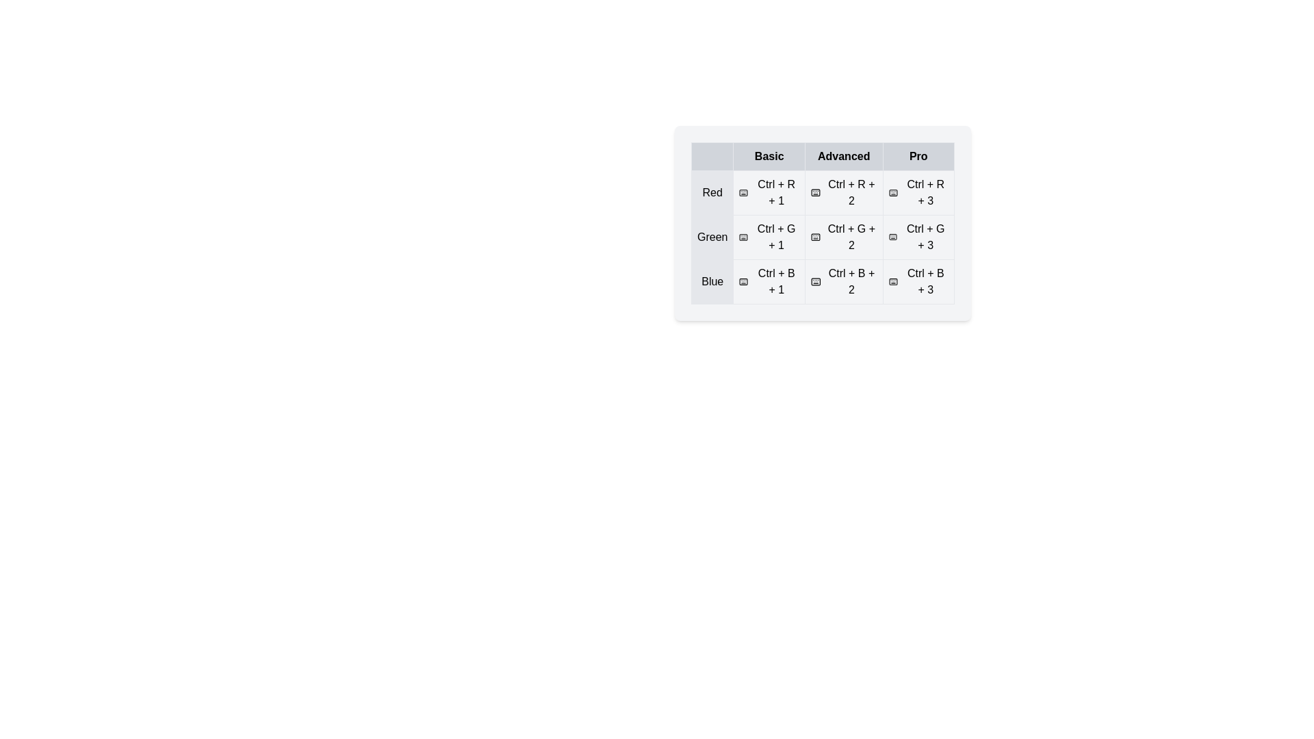  What do you see at coordinates (816, 237) in the screenshot?
I see `the graphical representation element that is a rectangular shape with rounded corners, located in the 'Advanced' column and 'Green' row of the shortcut table, representing the shortcut 'Ctrl+G+2'` at bounding box center [816, 237].